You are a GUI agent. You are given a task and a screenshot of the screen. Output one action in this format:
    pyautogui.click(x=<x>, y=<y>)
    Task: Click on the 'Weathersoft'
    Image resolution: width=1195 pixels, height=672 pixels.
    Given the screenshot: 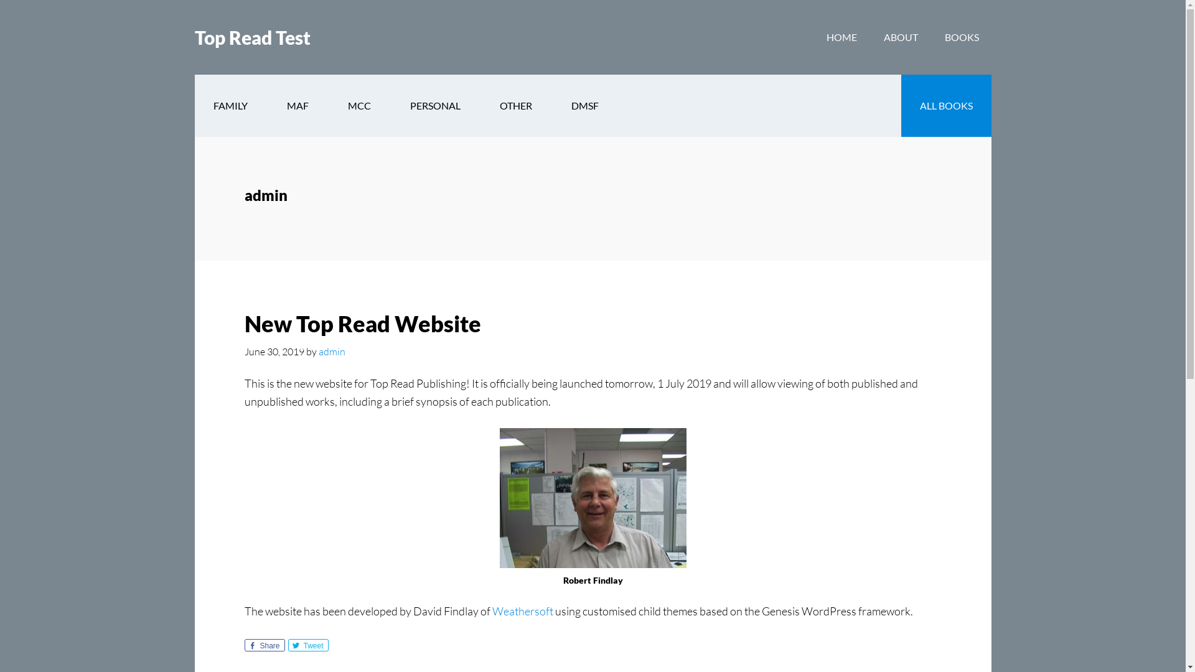 What is the action you would take?
    pyautogui.click(x=522, y=610)
    